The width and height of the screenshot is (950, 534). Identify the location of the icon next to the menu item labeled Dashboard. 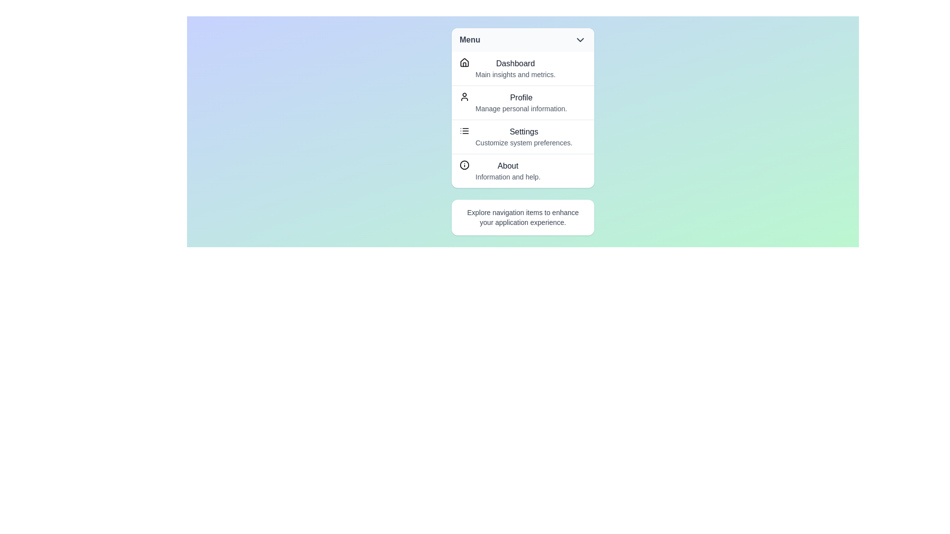
(464, 63).